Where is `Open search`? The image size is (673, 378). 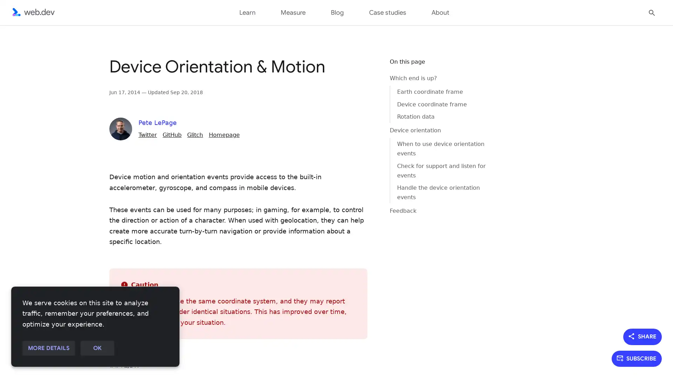
Open search is located at coordinates (652, 12).